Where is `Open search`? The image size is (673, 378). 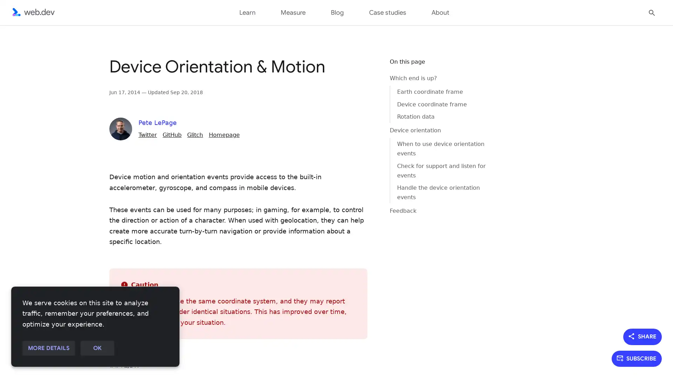
Open search is located at coordinates (652, 12).